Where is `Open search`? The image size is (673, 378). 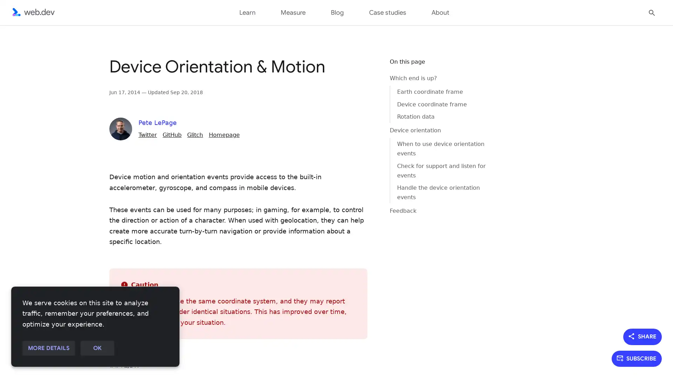
Open search is located at coordinates (652, 12).